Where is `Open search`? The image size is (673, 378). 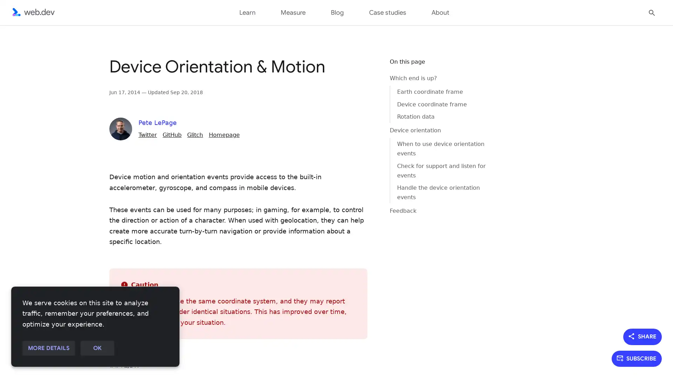
Open search is located at coordinates (652, 12).